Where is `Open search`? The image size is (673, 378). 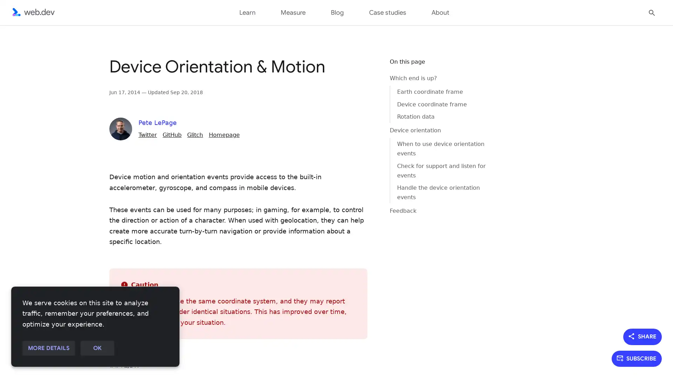
Open search is located at coordinates (652, 12).